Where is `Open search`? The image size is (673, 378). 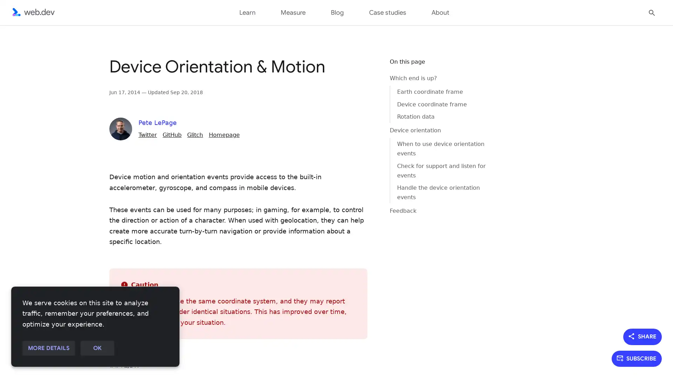
Open search is located at coordinates (652, 12).